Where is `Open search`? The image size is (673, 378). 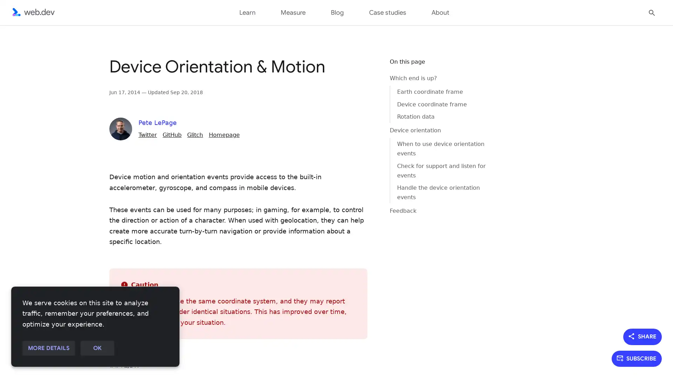
Open search is located at coordinates (652, 12).